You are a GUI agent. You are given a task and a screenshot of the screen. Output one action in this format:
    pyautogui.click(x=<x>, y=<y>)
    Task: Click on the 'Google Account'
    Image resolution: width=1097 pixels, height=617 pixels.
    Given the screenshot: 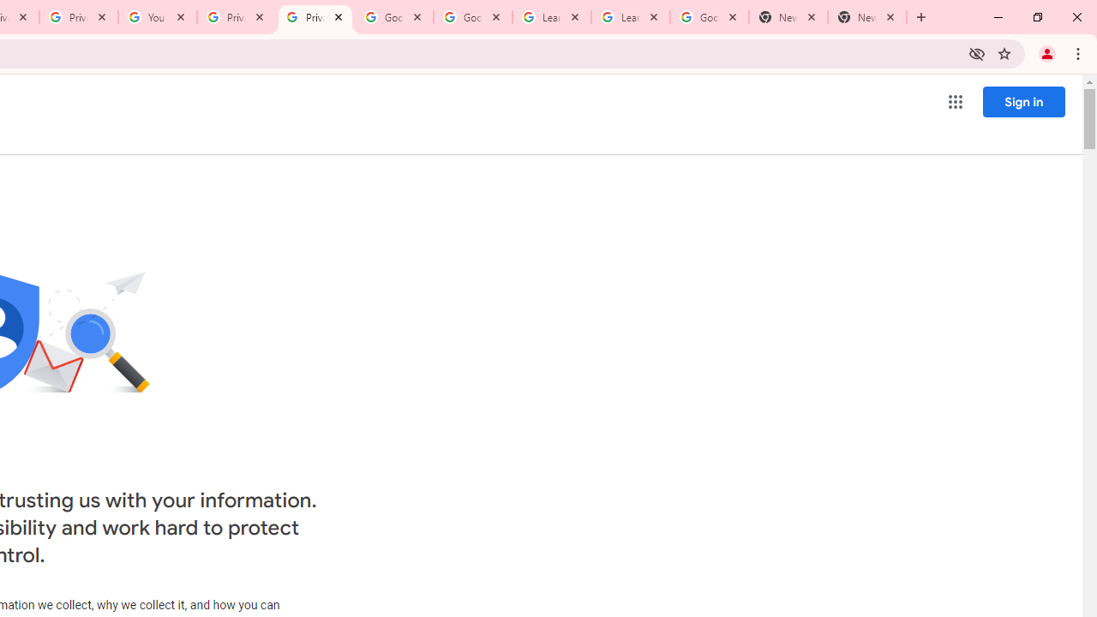 What is the action you would take?
    pyautogui.click(x=710, y=17)
    